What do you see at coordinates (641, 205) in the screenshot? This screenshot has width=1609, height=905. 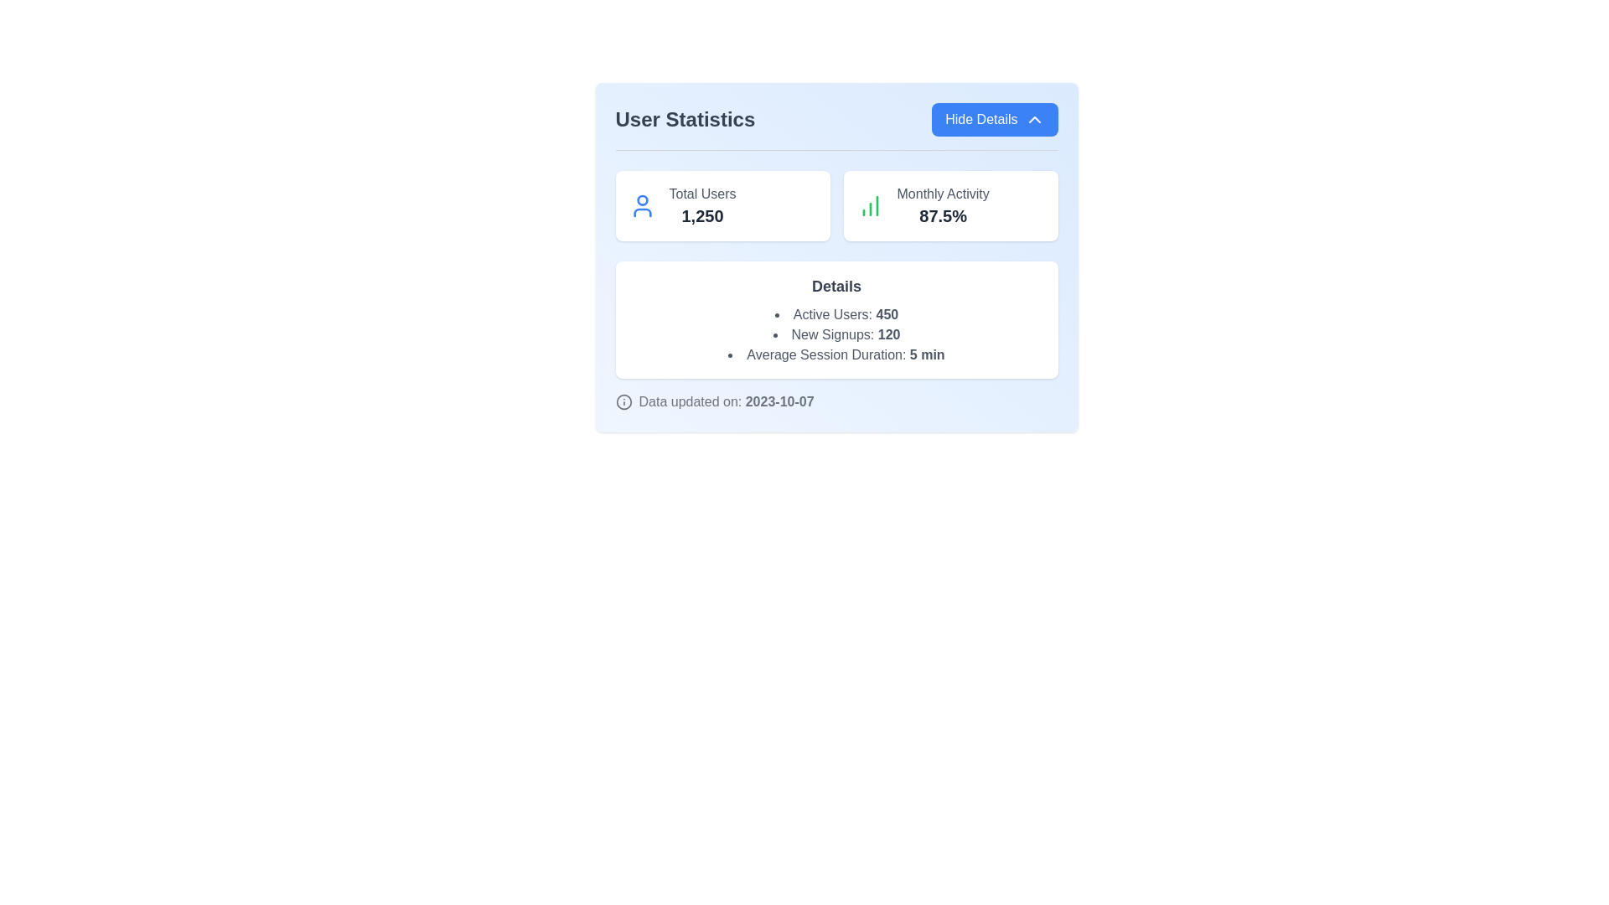 I see `the blue user icon representing a single user, which is the first element within the rectangle labeled 'Total Users 1,250'` at bounding box center [641, 205].